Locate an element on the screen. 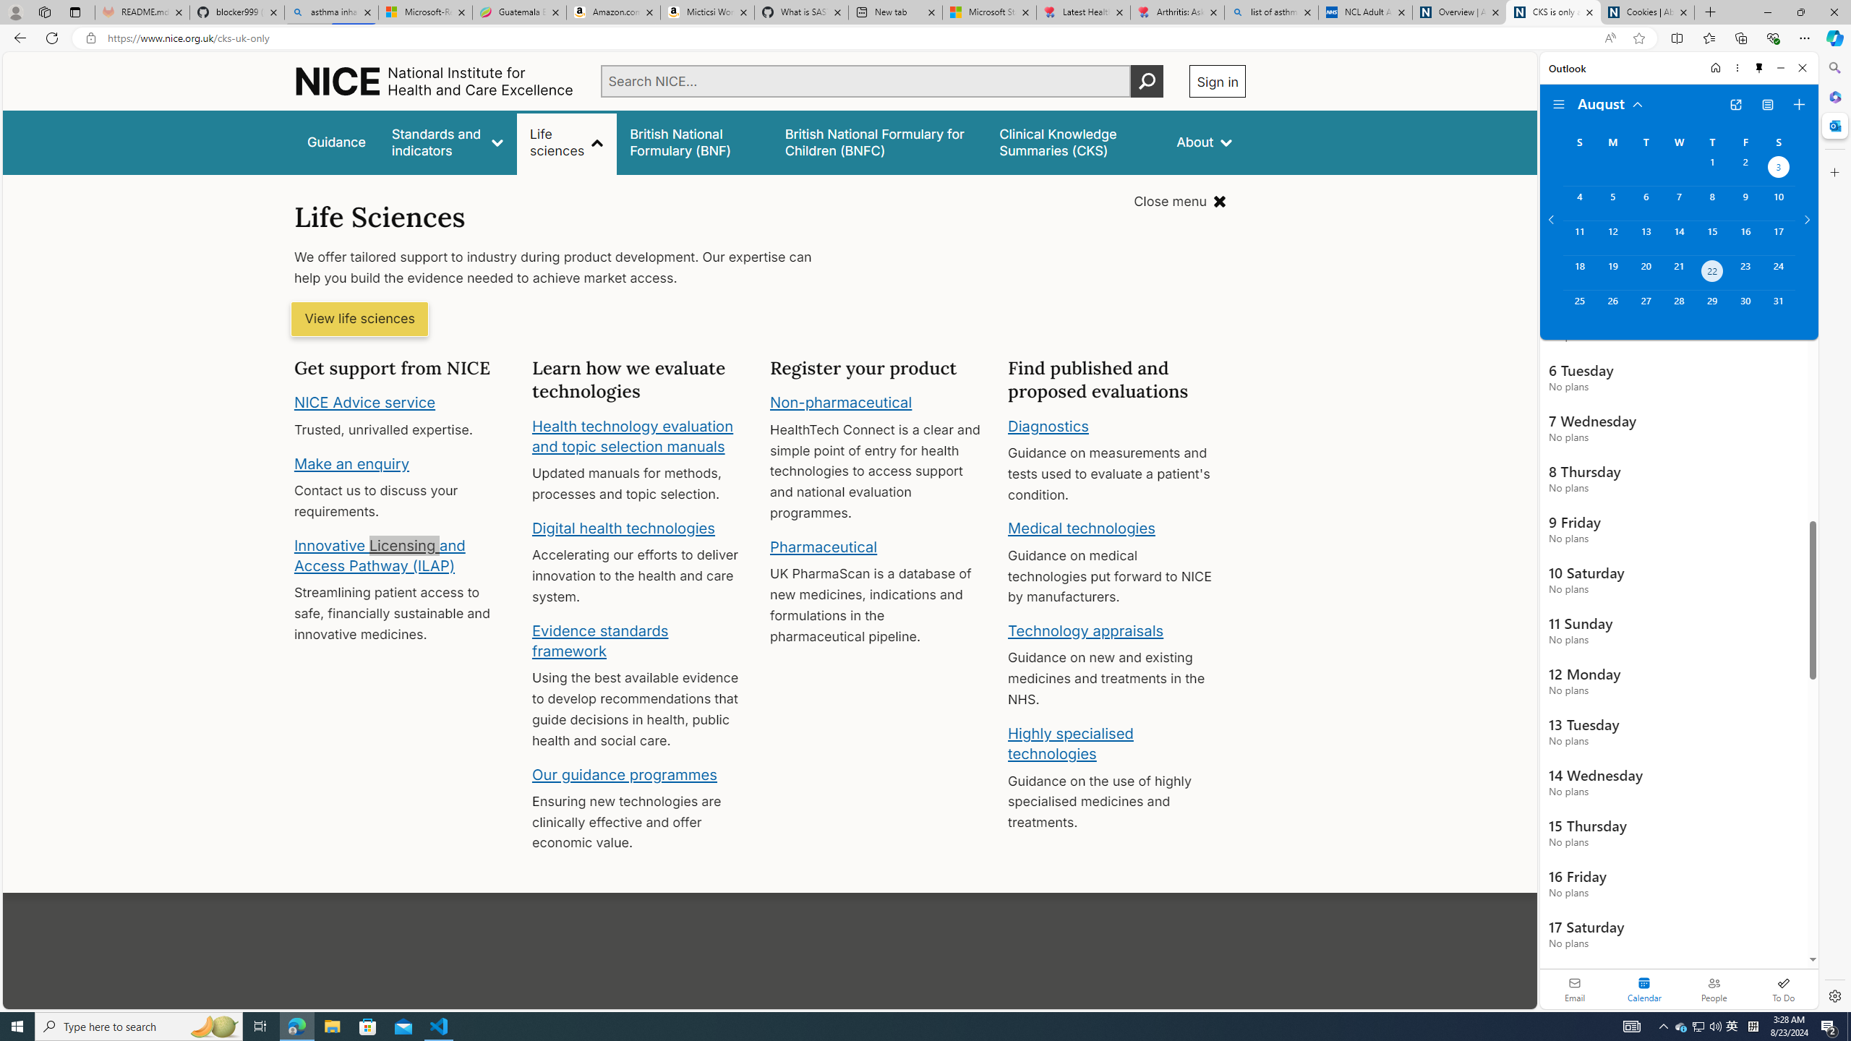 The width and height of the screenshot is (1851, 1041). 'Wednesday, August 21, 2024. ' is located at coordinates (1677, 272).